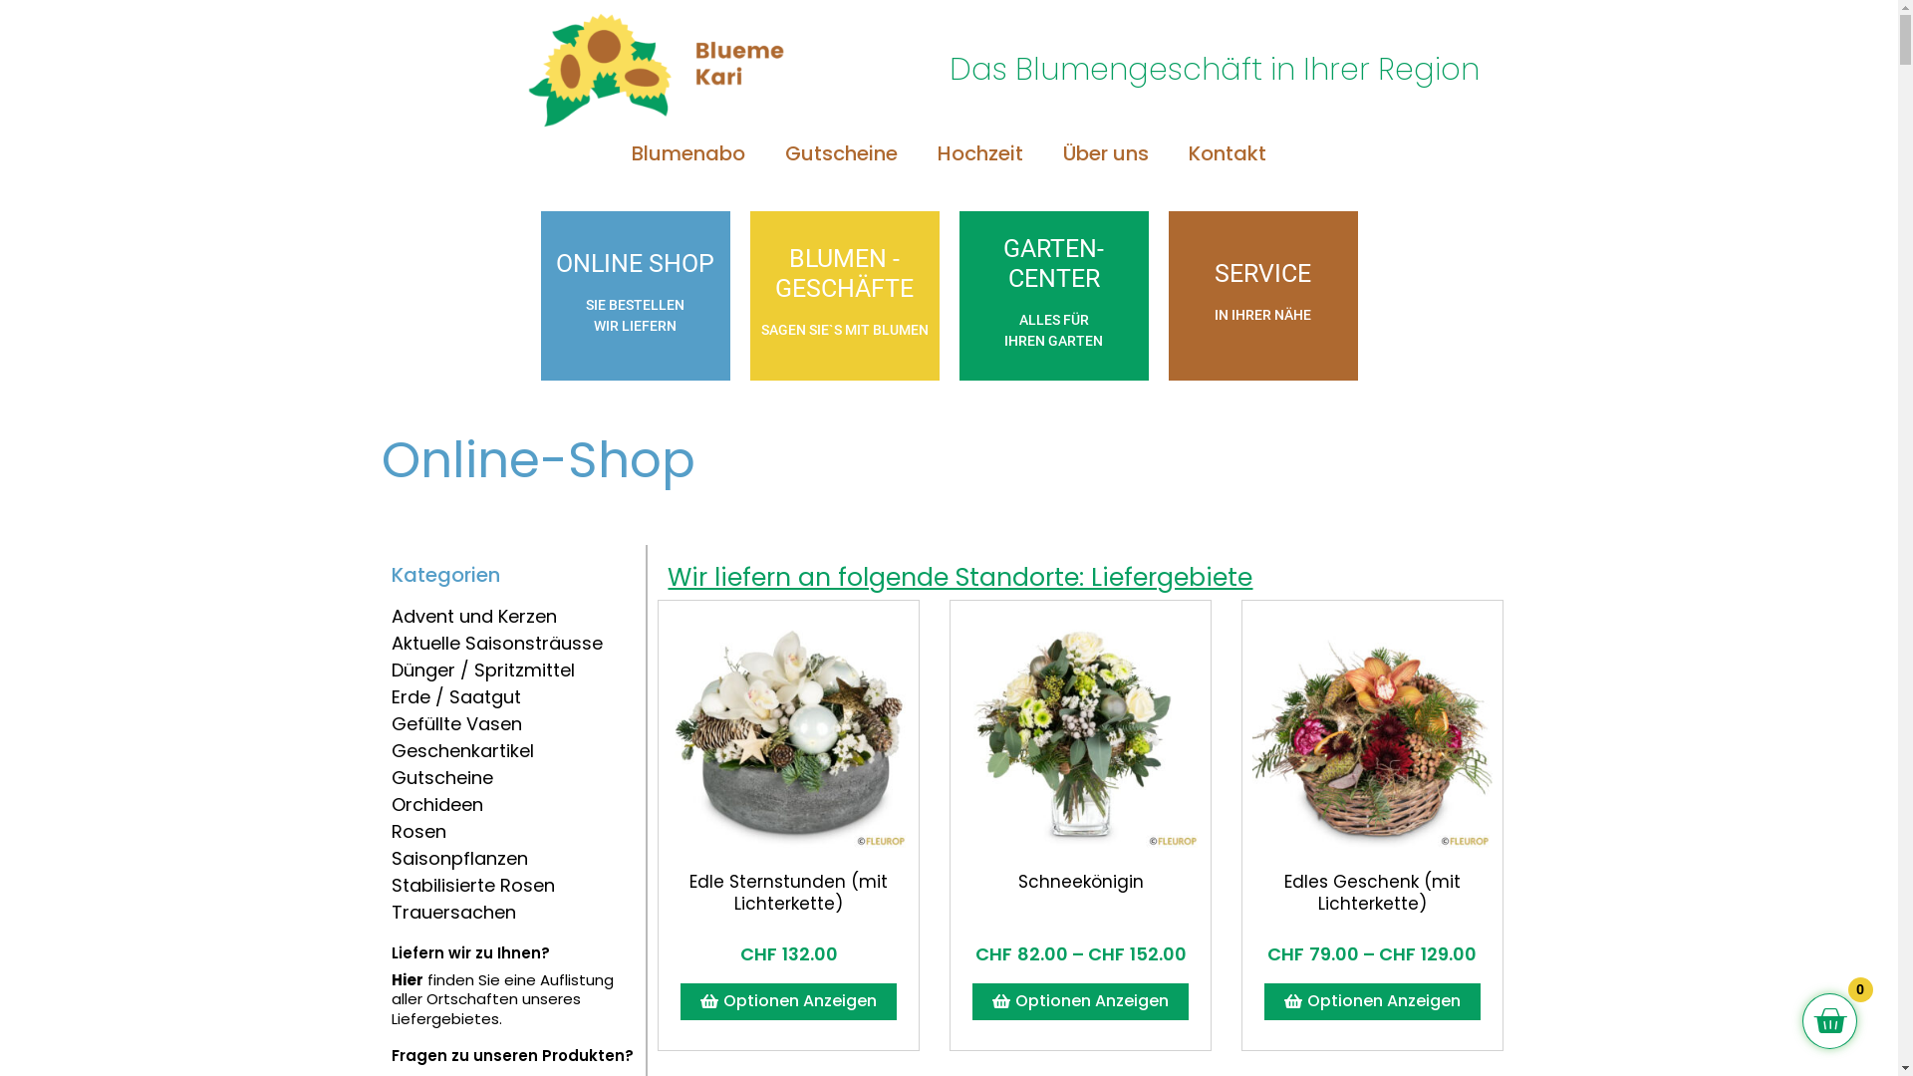  I want to click on 'Edle Sternstunden (mit Lichterkette)', so click(787, 890).